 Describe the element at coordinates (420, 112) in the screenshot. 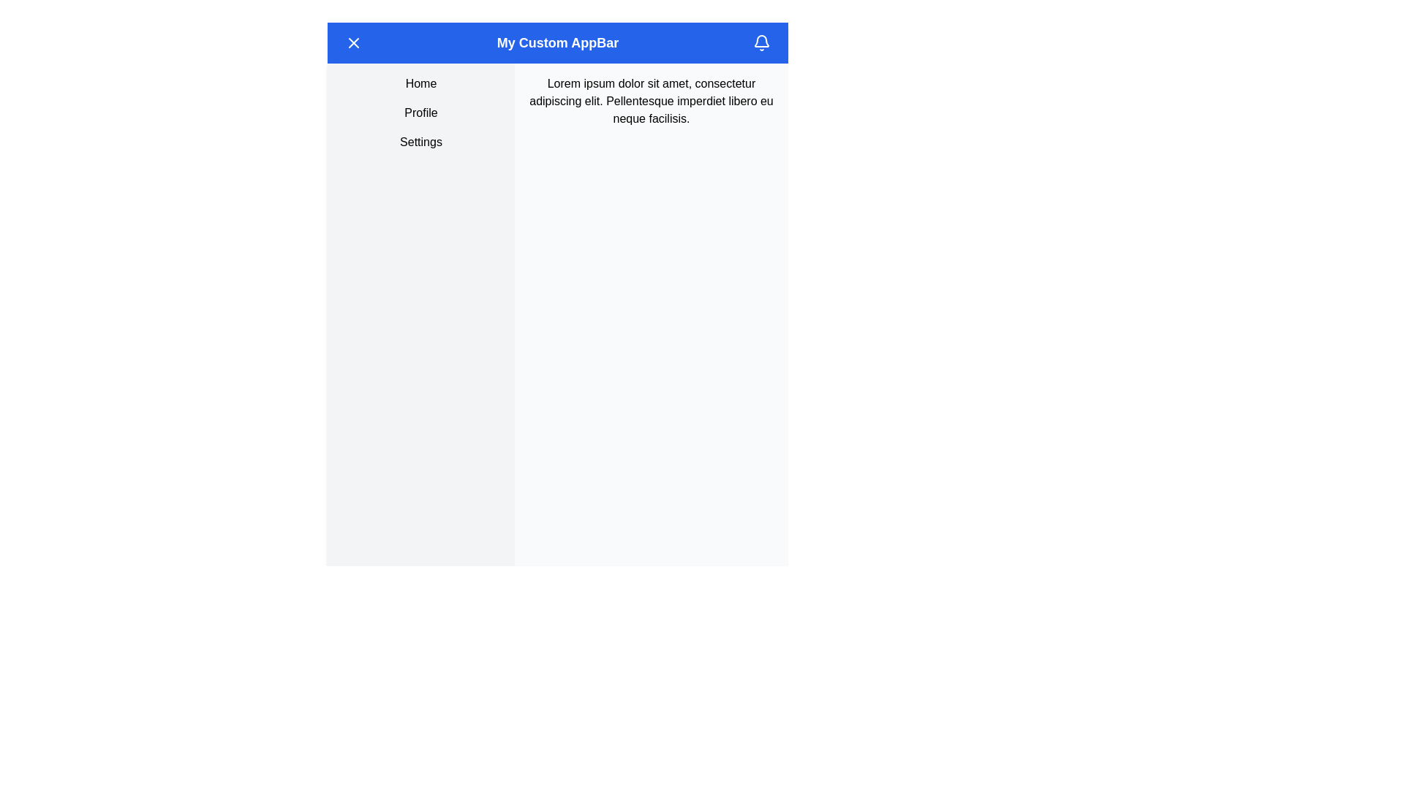

I see `the 'Profile' text label in the sidebar` at that location.